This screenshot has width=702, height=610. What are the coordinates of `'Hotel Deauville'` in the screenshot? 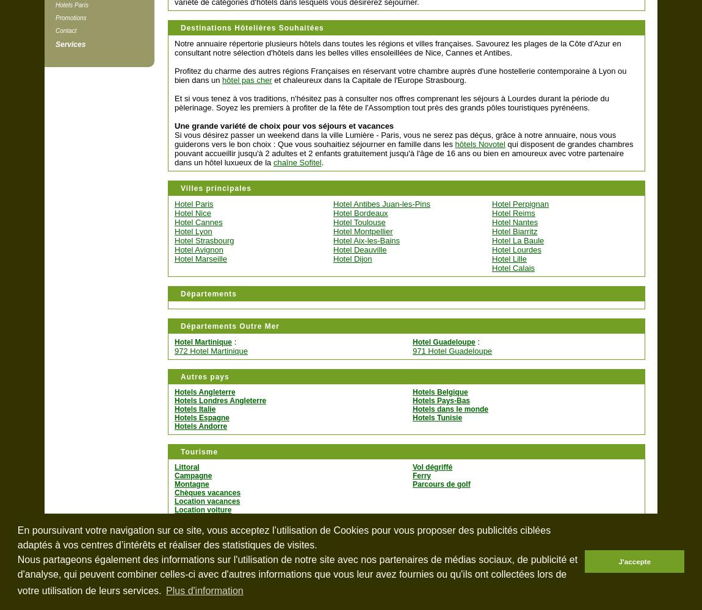 It's located at (359, 249).